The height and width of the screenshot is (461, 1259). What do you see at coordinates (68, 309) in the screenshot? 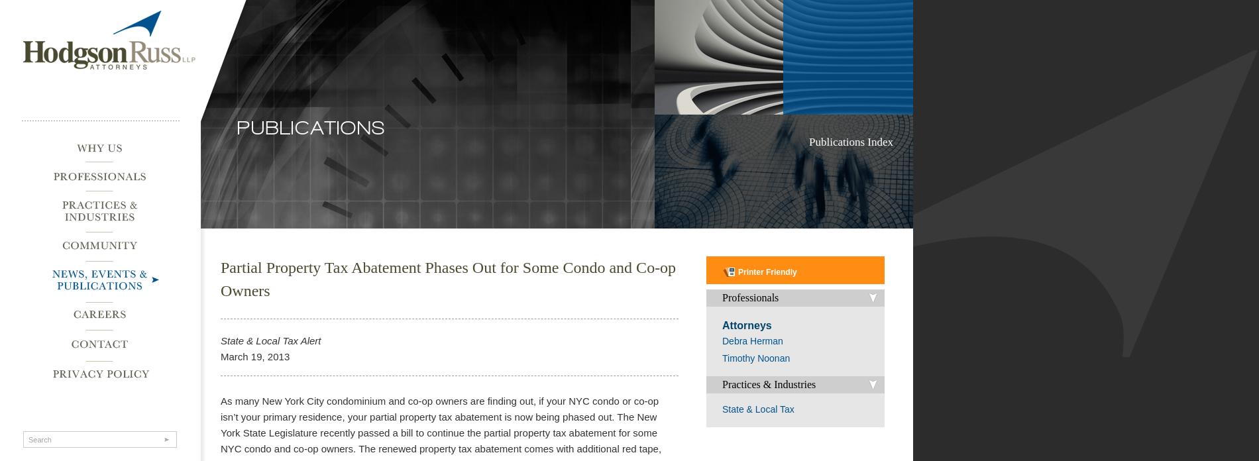
I see `'Careers'` at bounding box center [68, 309].